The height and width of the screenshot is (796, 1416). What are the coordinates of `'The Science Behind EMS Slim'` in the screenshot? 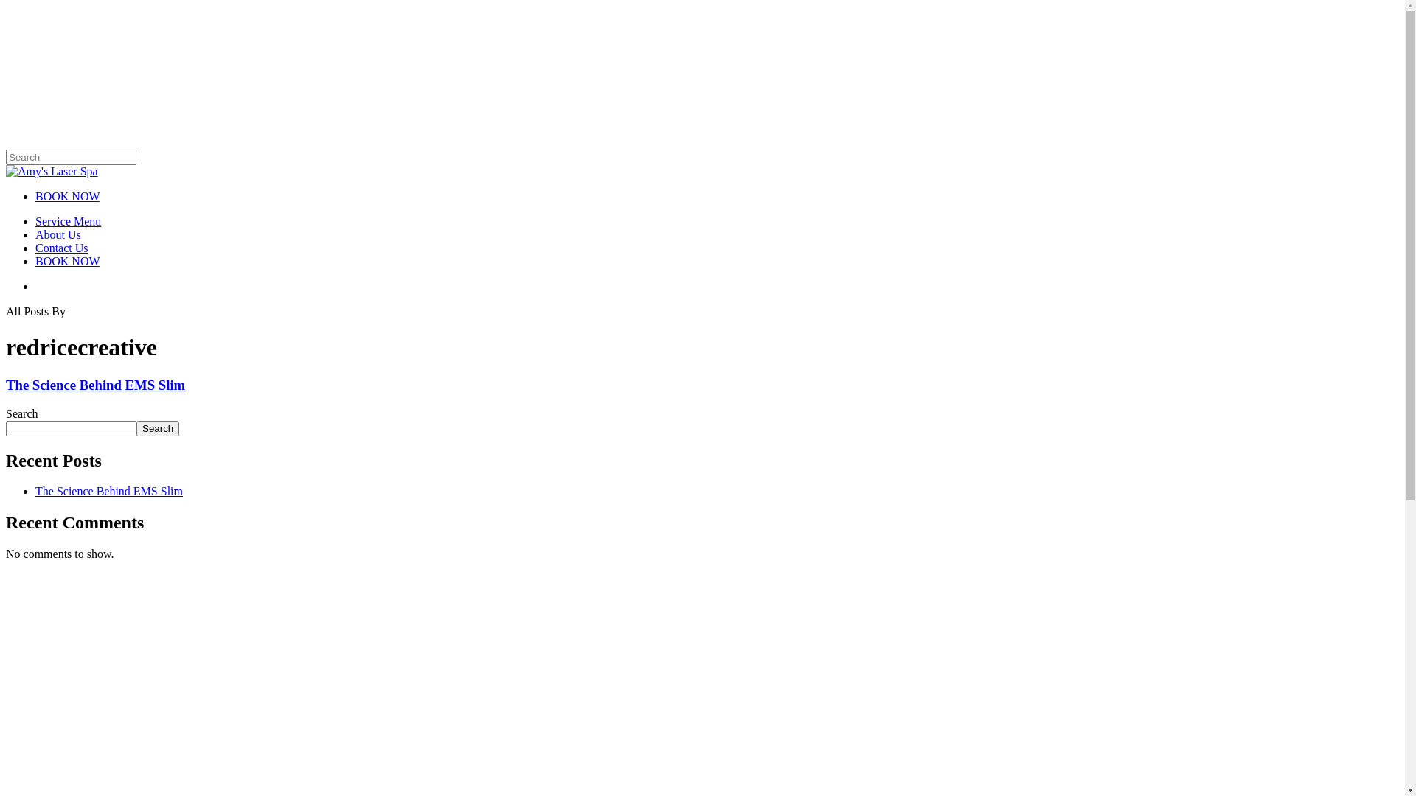 It's located at (94, 384).